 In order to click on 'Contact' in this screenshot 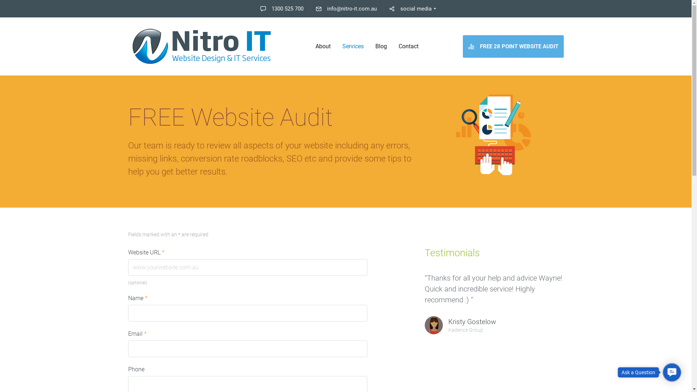, I will do `click(408, 46)`.